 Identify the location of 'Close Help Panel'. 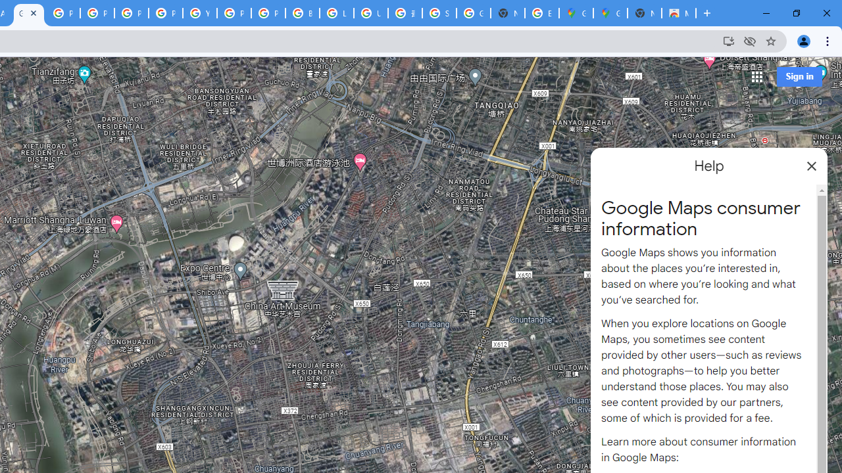
(811, 166).